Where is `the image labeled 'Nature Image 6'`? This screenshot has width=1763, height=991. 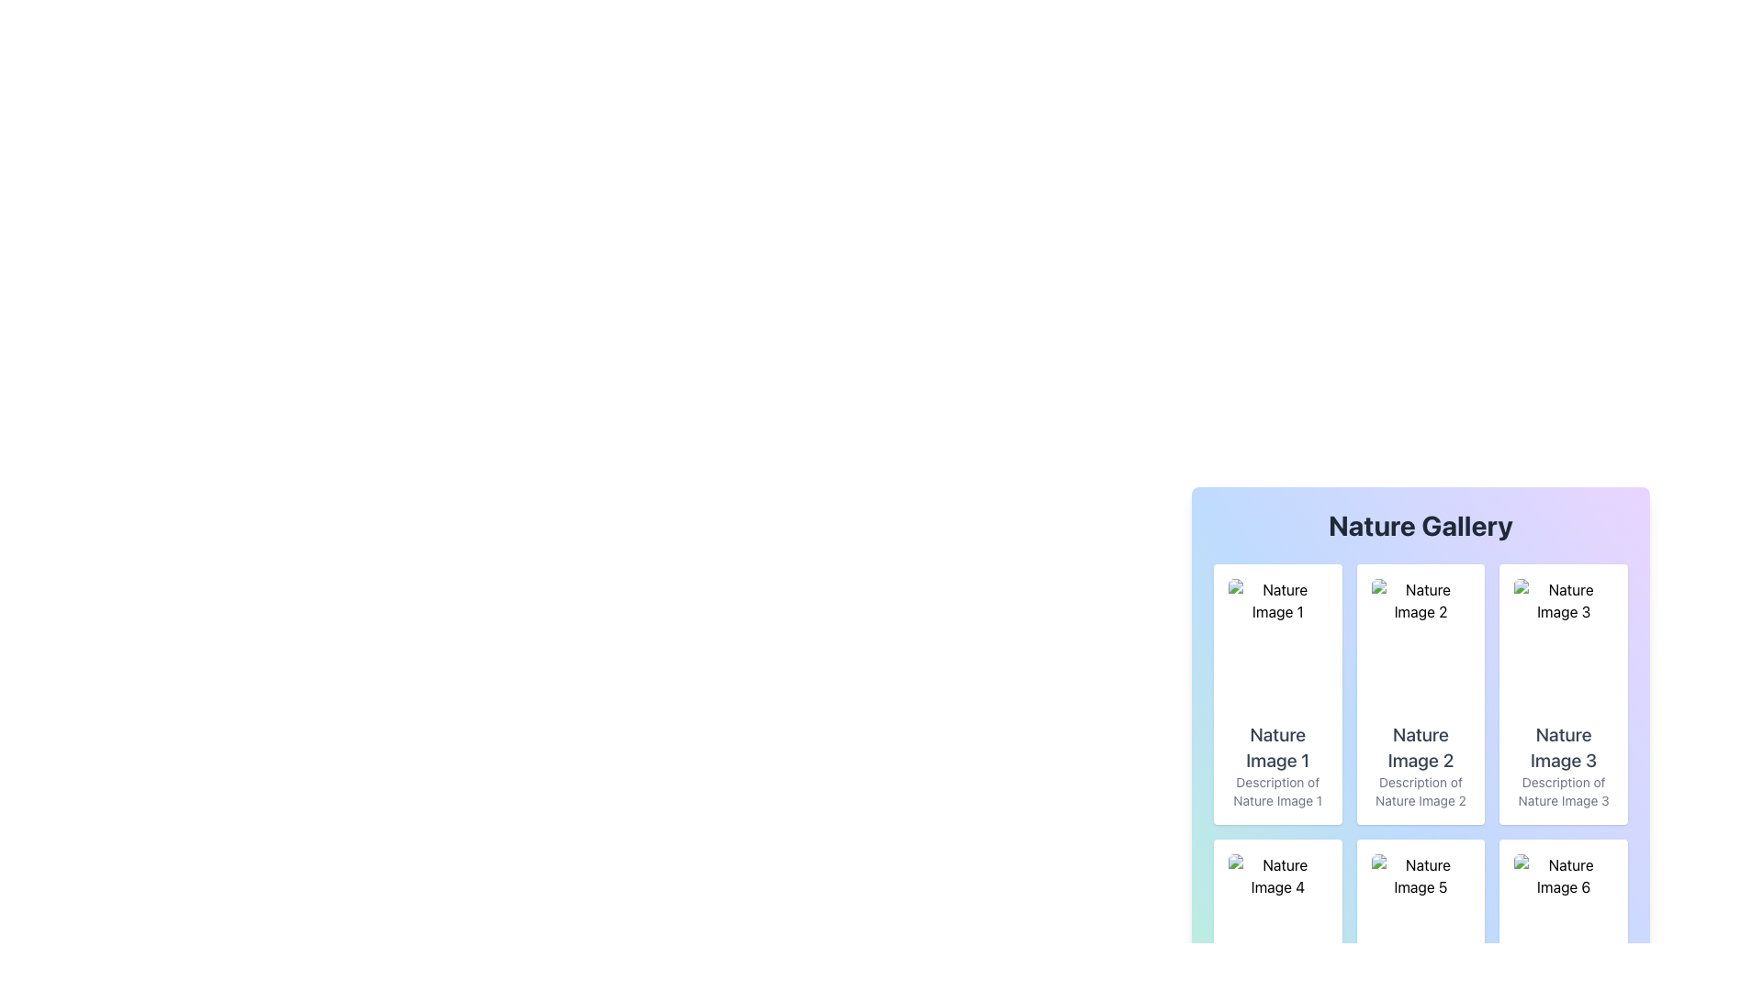
the image labeled 'Nature Image 6' is located at coordinates (1563, 919).